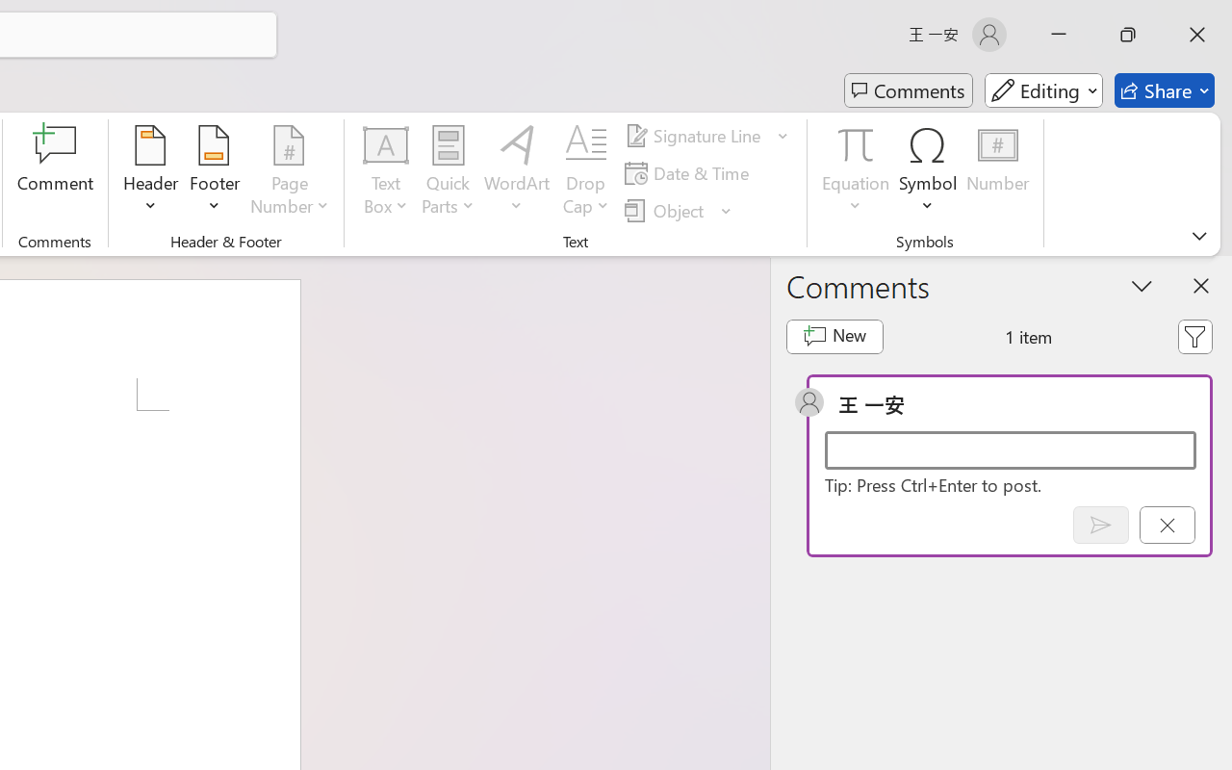 The height and width of the screenshot is (770, 1232). Describe the element at coordinates (585, 172) in the screenshot. I see `'Drop Cap'` at that location.